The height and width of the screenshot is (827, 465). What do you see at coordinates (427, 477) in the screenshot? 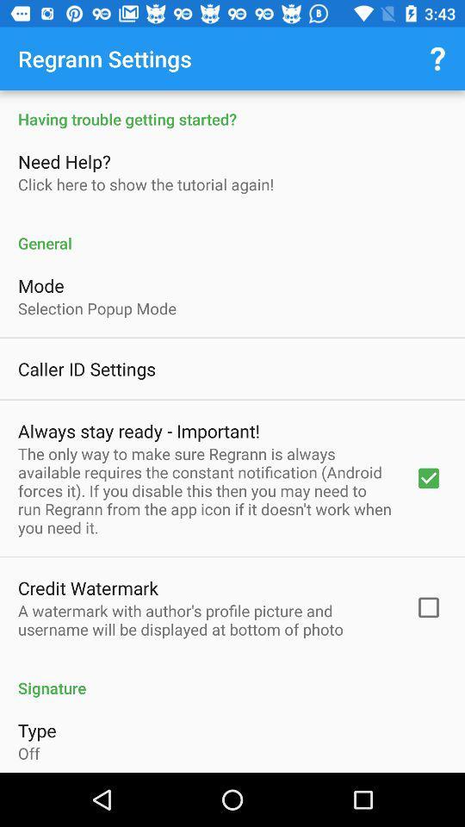
I see `the white tick in green background` at bounding box center [427, 477].